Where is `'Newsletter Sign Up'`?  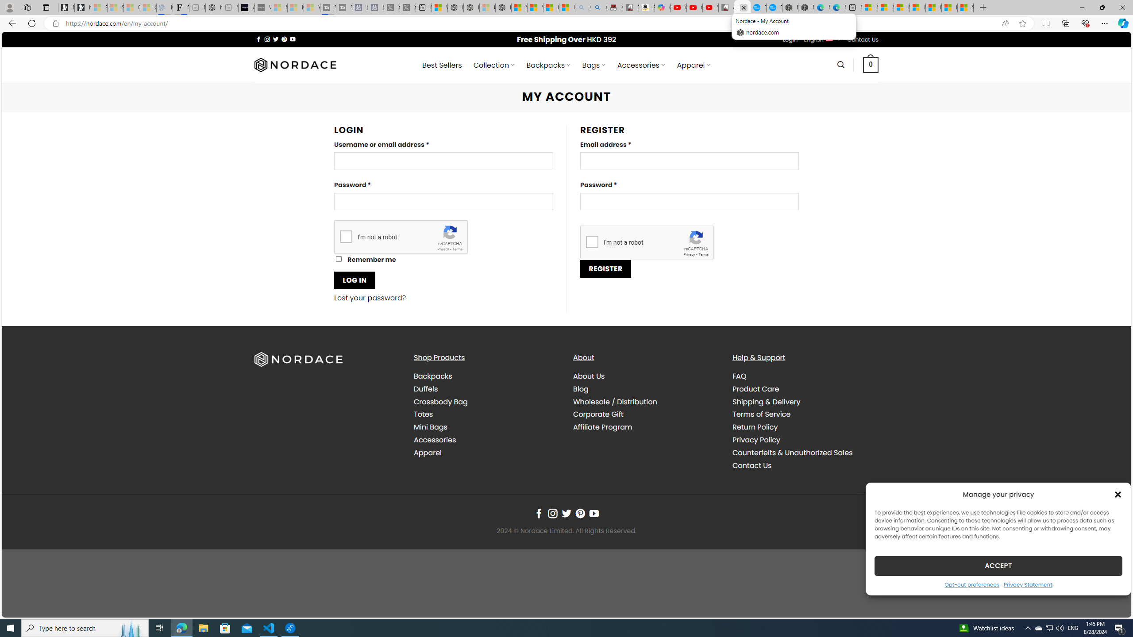
'Newsletter Sign Up' is located at coordinates (82, 7).